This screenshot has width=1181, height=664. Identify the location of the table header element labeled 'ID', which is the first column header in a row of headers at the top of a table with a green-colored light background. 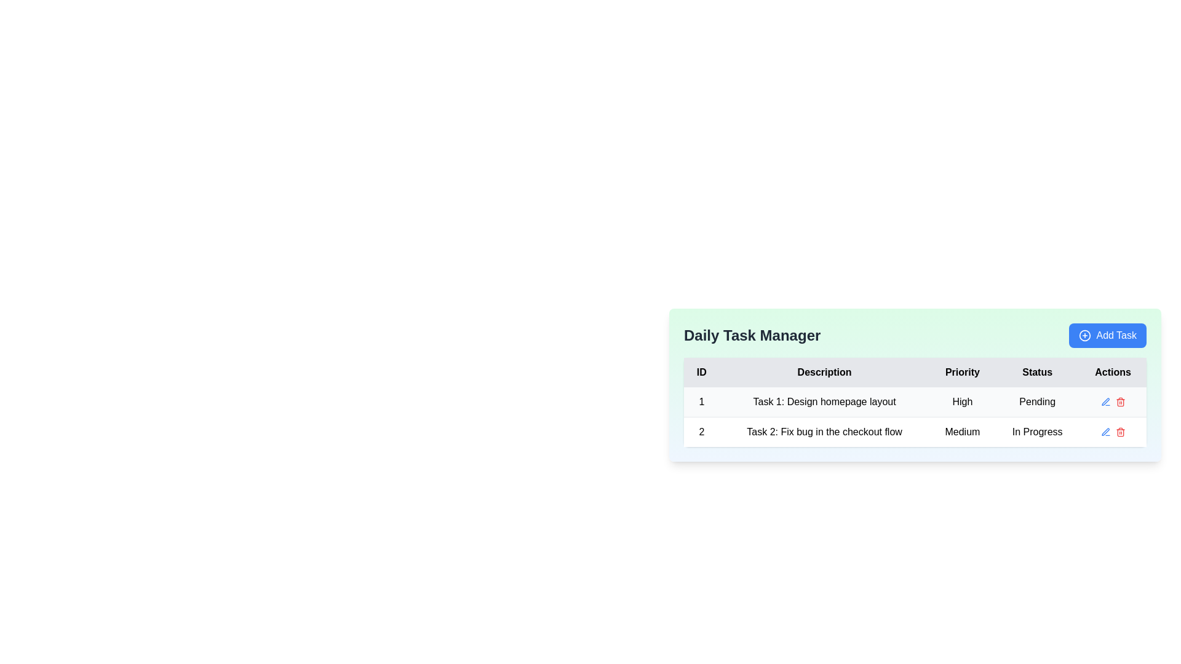
(701, 371).